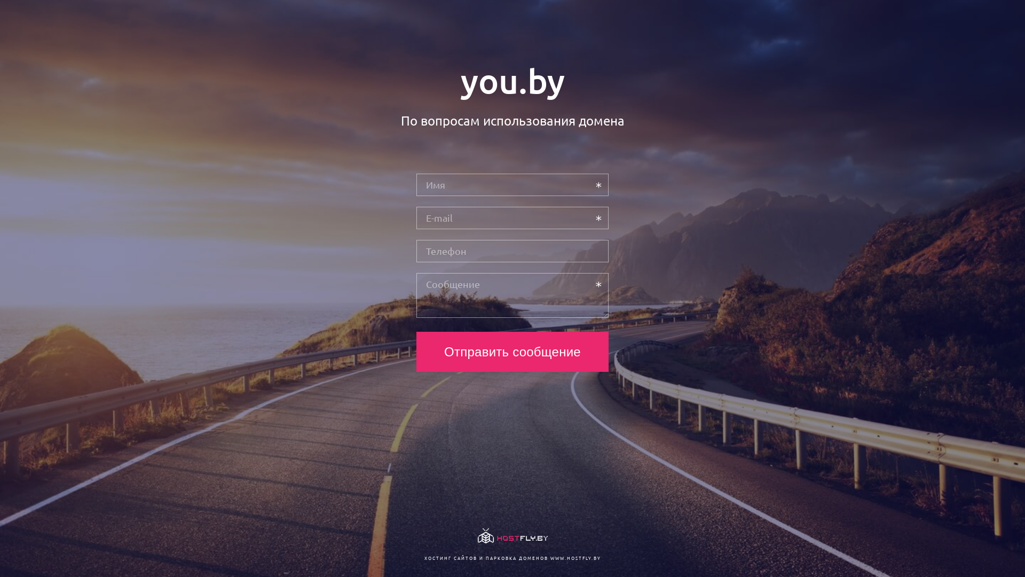 The width and height of the screenshot is (1025, 577). Describe the element at coordinates (574, 557) in the screenshot. I see `'WWW.HOSTFLY.BY'` at that location.